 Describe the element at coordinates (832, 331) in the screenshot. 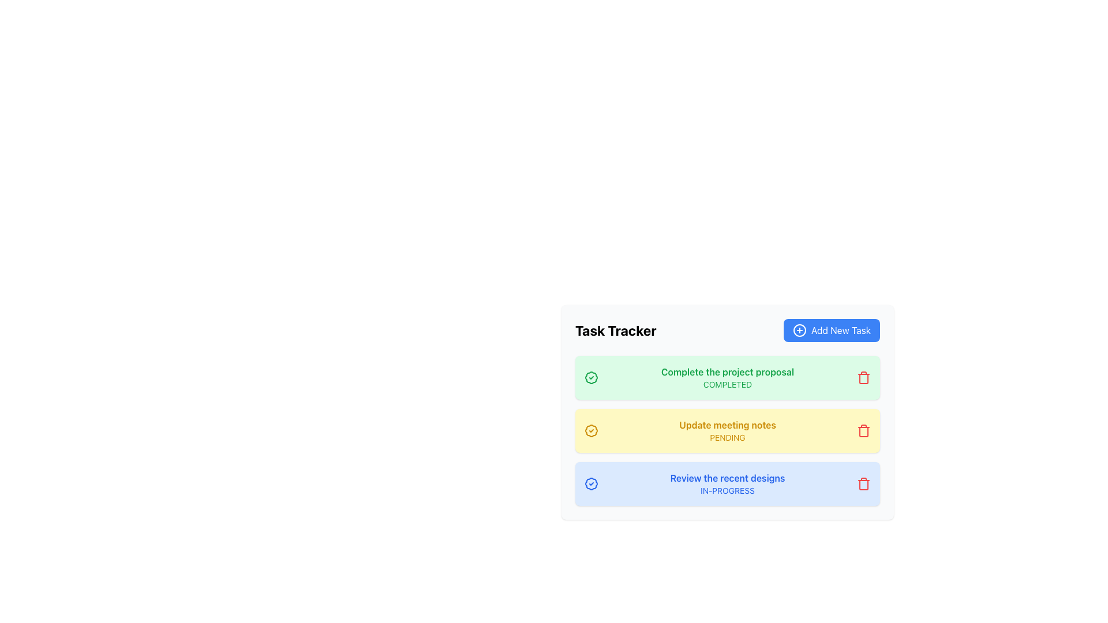

I see `the 'Add Task' button located at the top-right corner of the 'Task Tracker' interface` at that location.